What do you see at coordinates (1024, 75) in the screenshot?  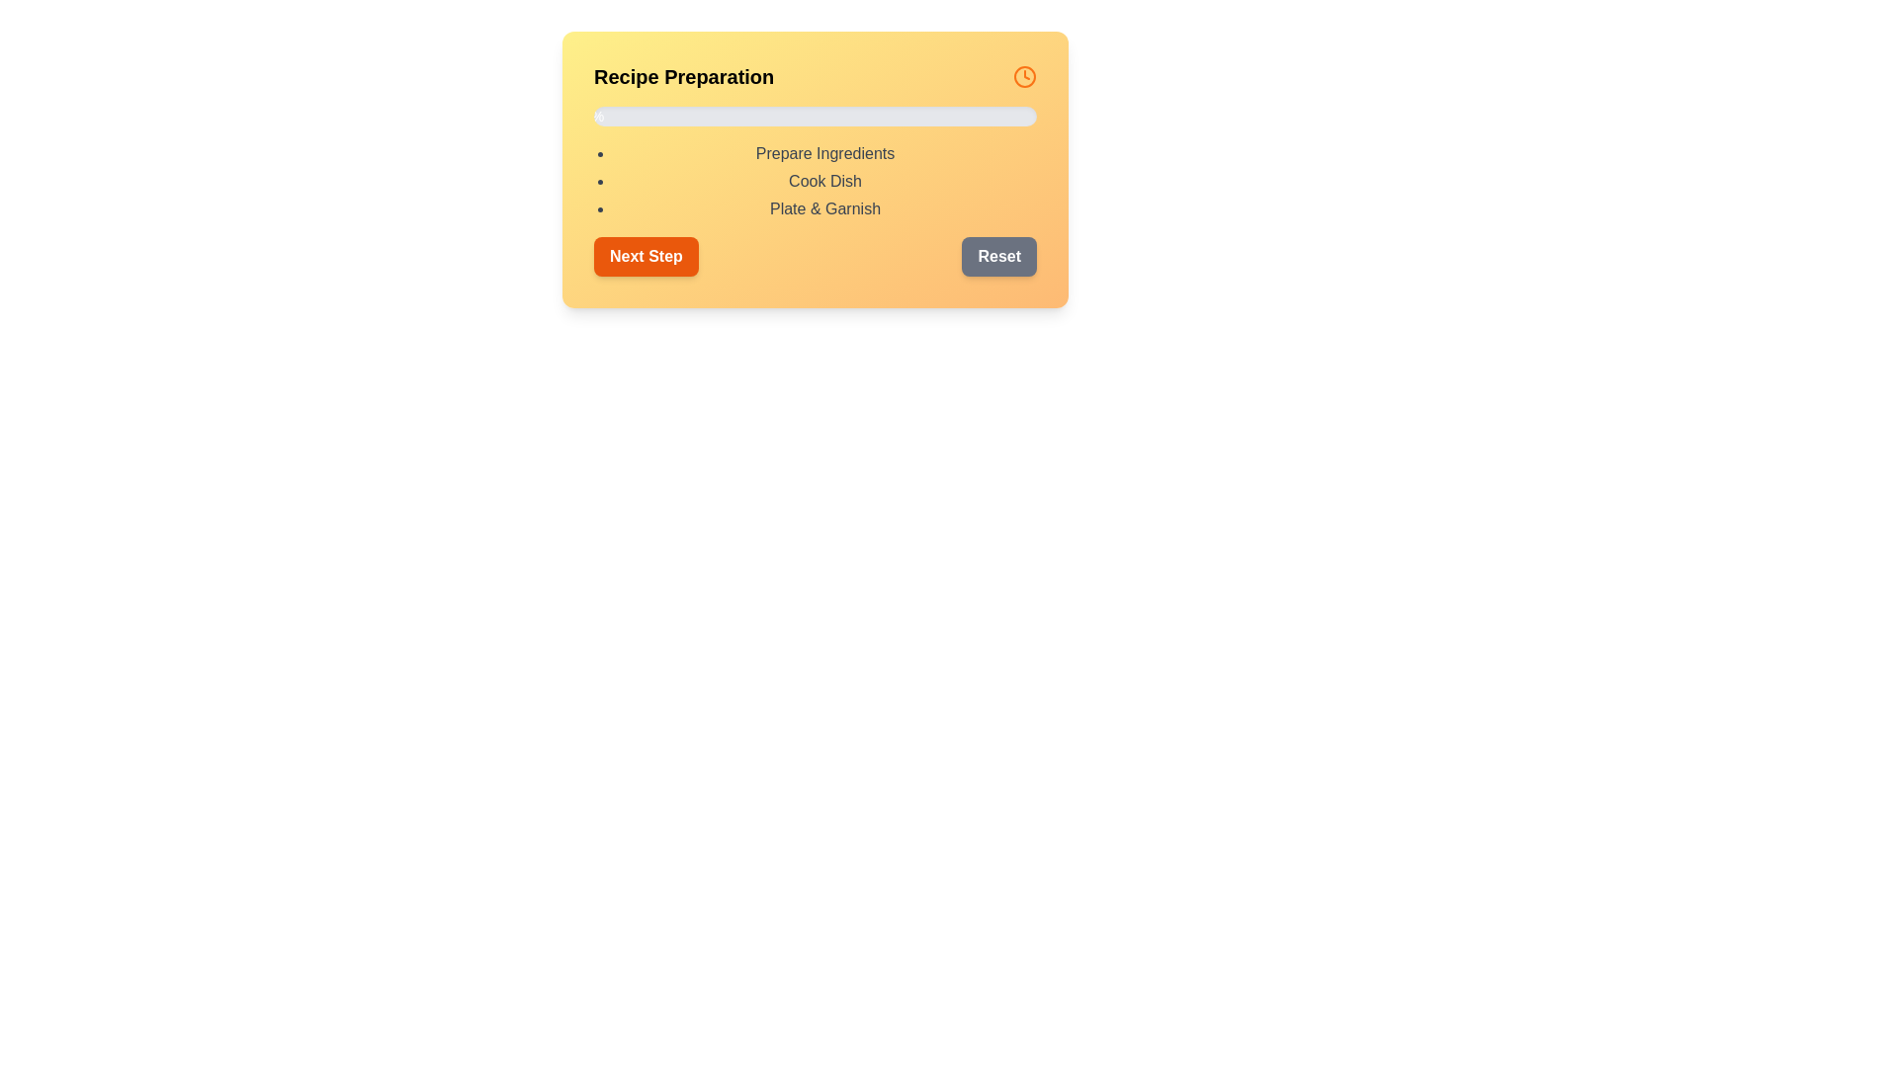 I see `the decorative SVG Circle Element that forms the base of the clock graphic in the top-right corner of the 'Recipe Preparation' card` at bounding box center [1024, 75].